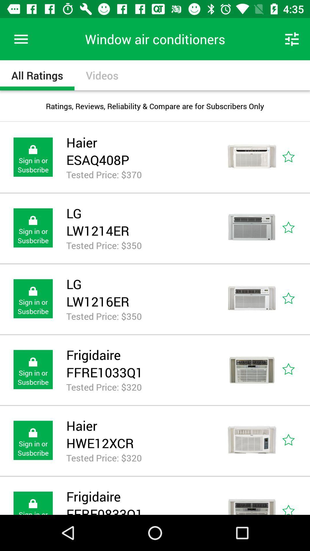  I want to click on it represented the ratting of te products, so click(295, 228).